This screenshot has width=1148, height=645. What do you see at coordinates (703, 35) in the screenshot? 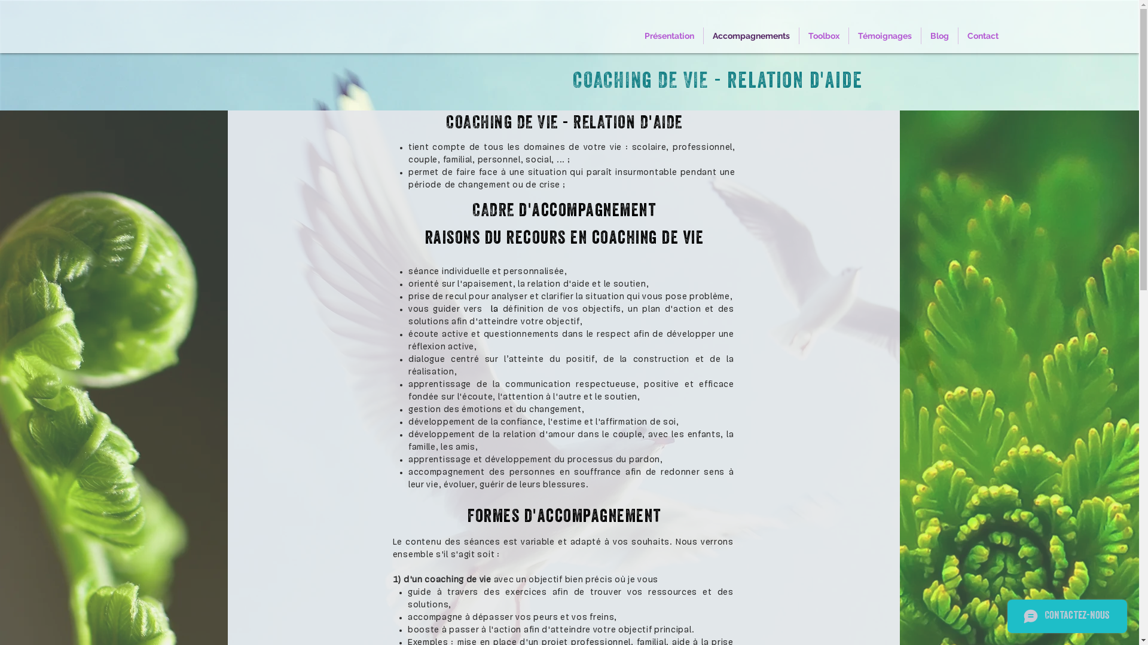
I see `'Accompagnements'` at bounding box center [703, 35].